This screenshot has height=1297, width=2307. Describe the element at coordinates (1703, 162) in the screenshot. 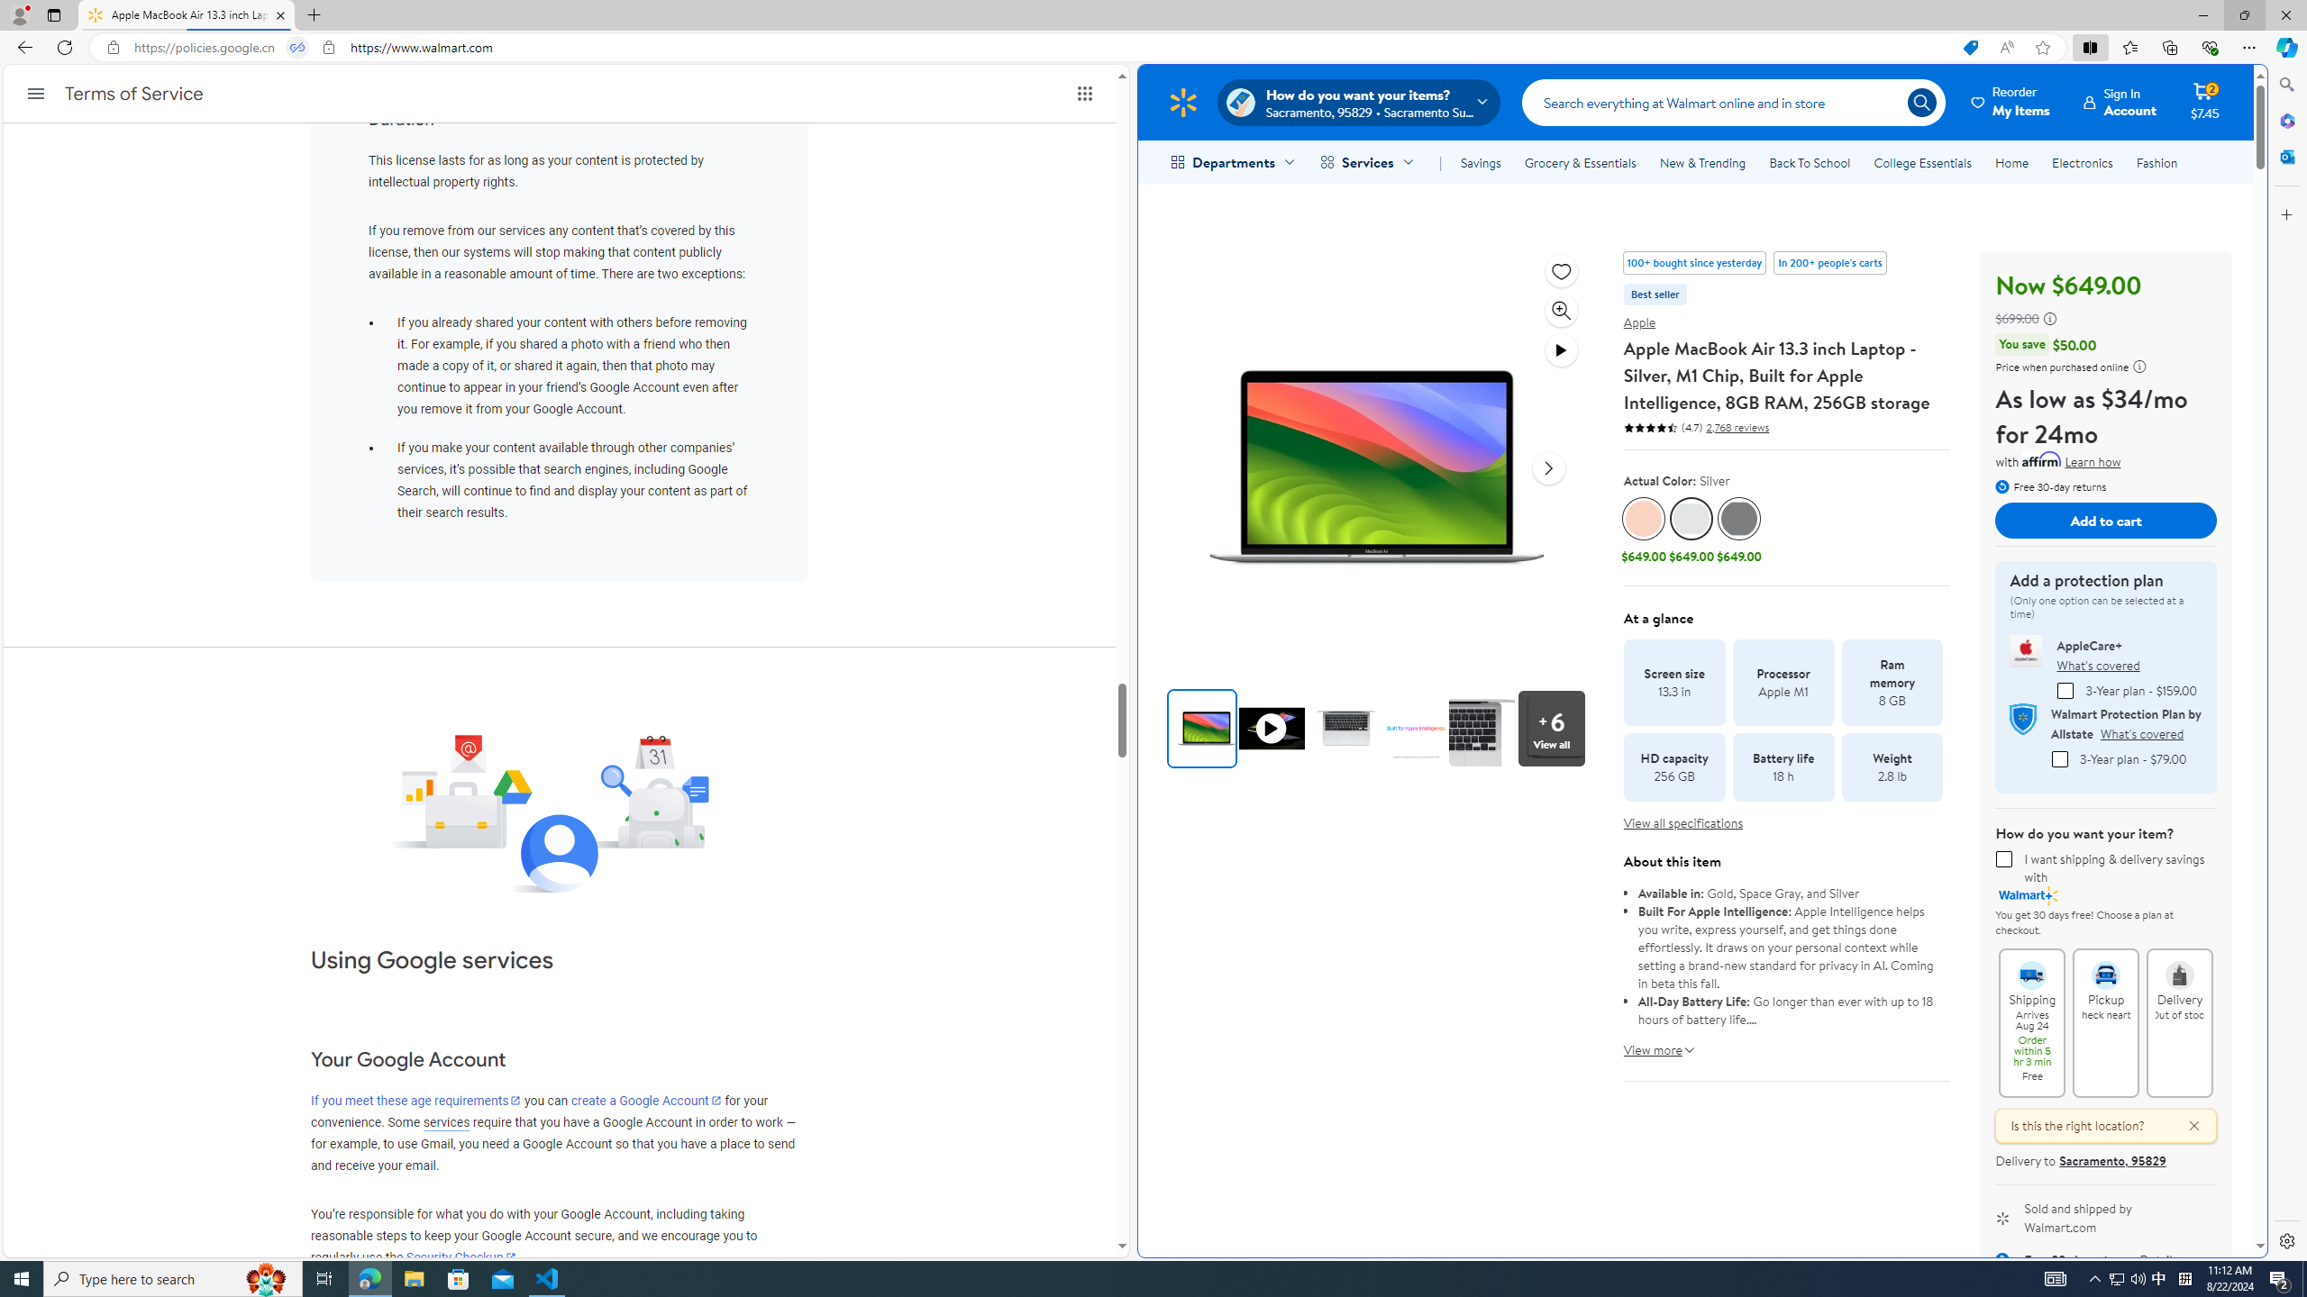

I see `'New & Trending'` at that location.